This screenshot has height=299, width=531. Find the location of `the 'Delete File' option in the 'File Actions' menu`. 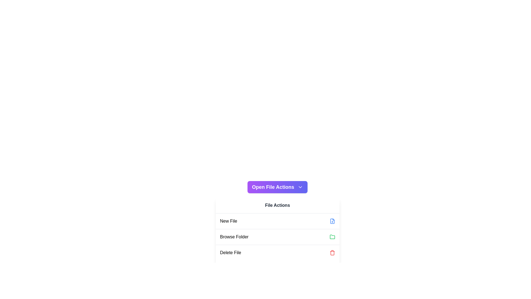

the 'Delete File' option in the 'File Actions' menu is located at coordinates (277, 252).